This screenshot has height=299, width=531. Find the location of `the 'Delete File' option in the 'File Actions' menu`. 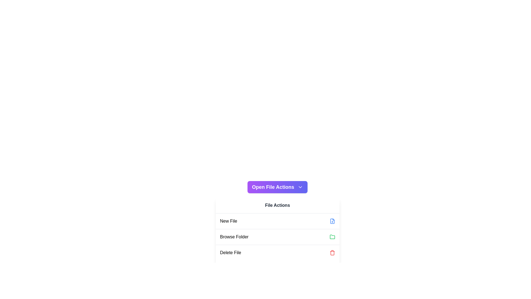

the 'Delete File' option in the 'File Actions' menu is located at coordinates (277, 252).